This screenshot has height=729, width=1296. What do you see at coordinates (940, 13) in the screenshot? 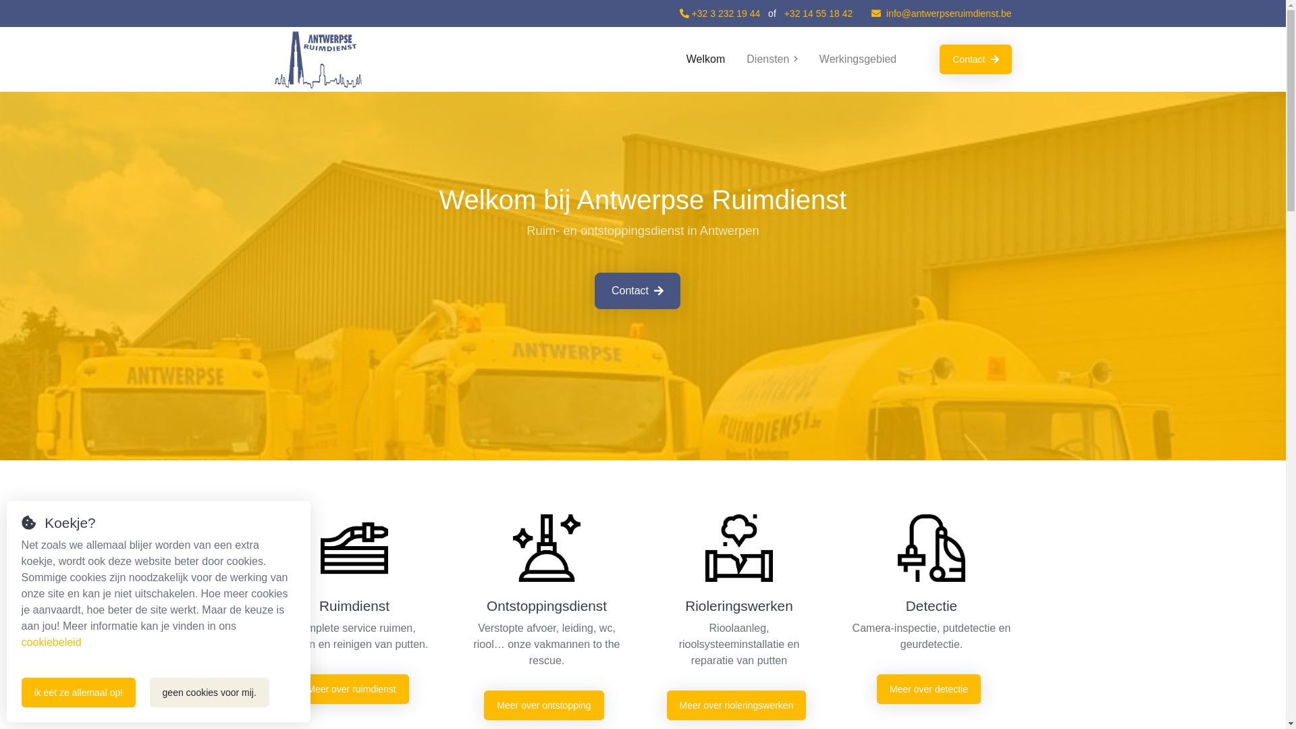
I see `'info@antwerpseruimdienst.be'` at bounding box center [940, 13].